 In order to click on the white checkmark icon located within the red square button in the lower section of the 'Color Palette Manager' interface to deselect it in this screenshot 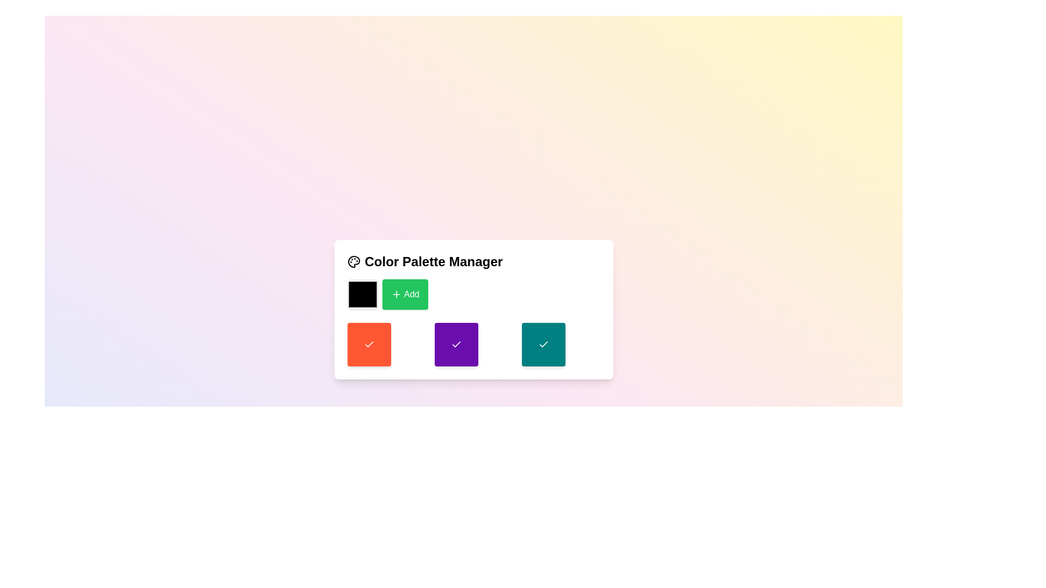, I will do `click(369, 344)`.